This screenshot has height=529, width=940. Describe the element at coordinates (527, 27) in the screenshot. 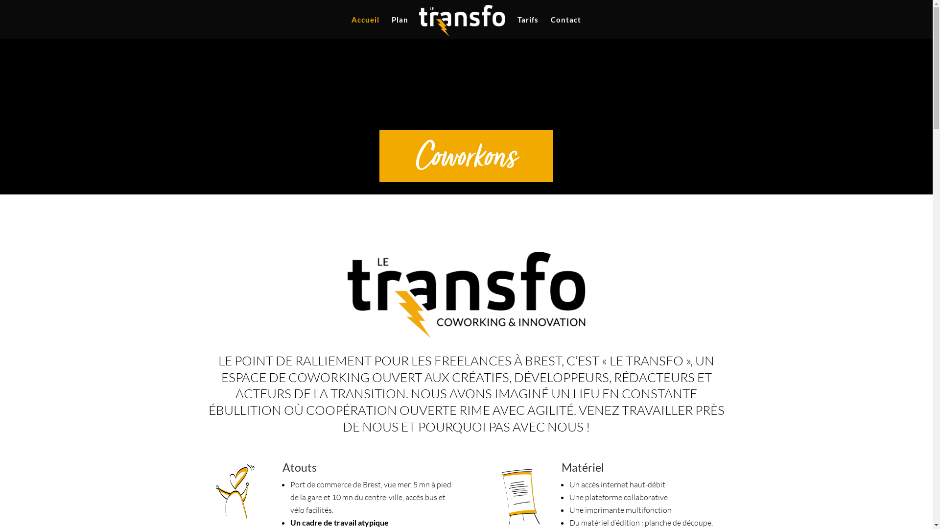

I see `'Tarifs'` at that location.